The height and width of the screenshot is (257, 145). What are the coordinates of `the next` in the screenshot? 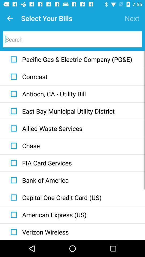 It's located at (132, 18).